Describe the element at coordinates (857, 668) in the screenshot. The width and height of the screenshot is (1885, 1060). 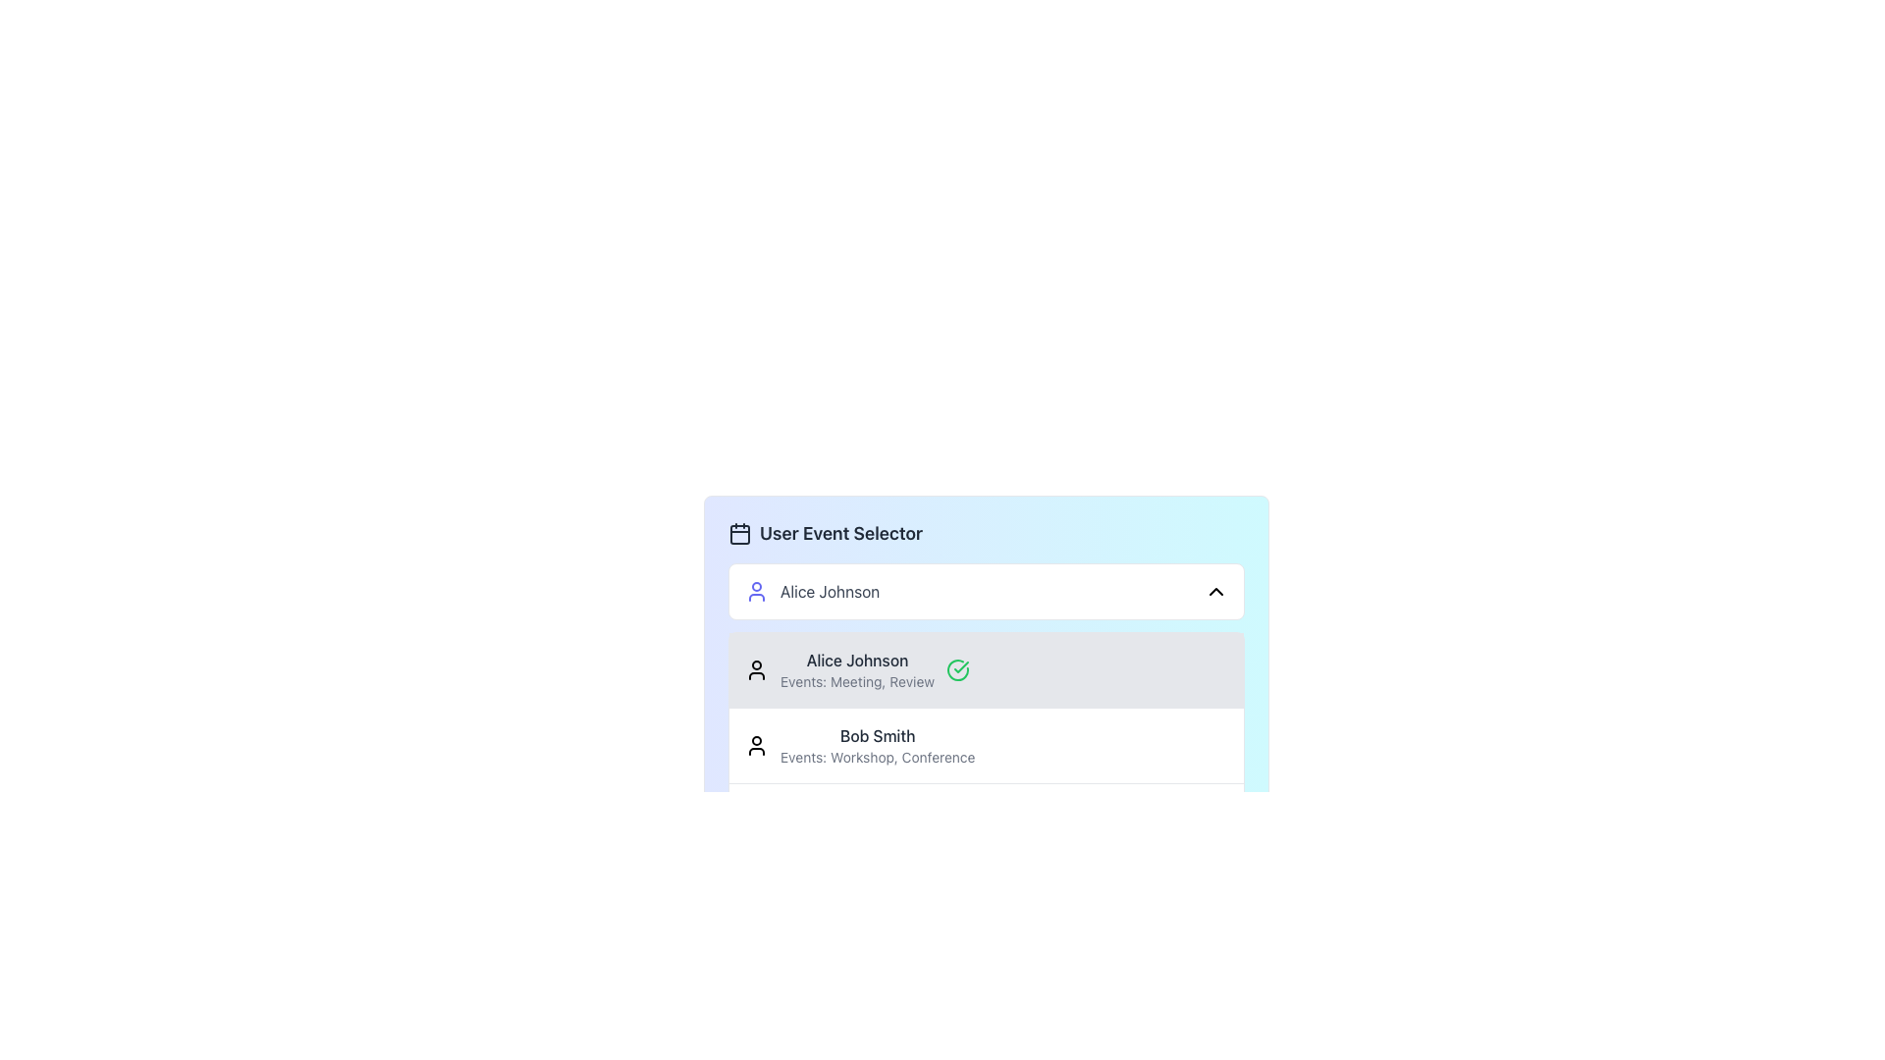
I see `the text block displaying the name 'Alice Johnson' in the second list item of the user selection dropdown` at that location.